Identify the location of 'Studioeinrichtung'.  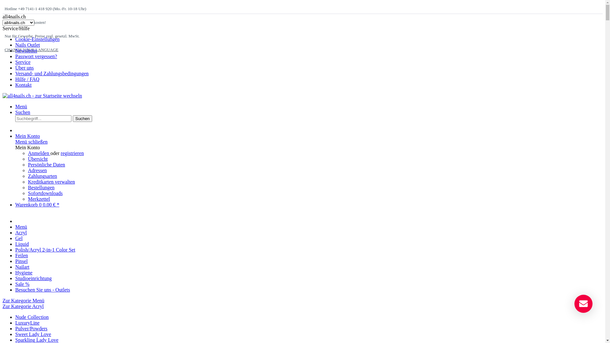
(15, 278).